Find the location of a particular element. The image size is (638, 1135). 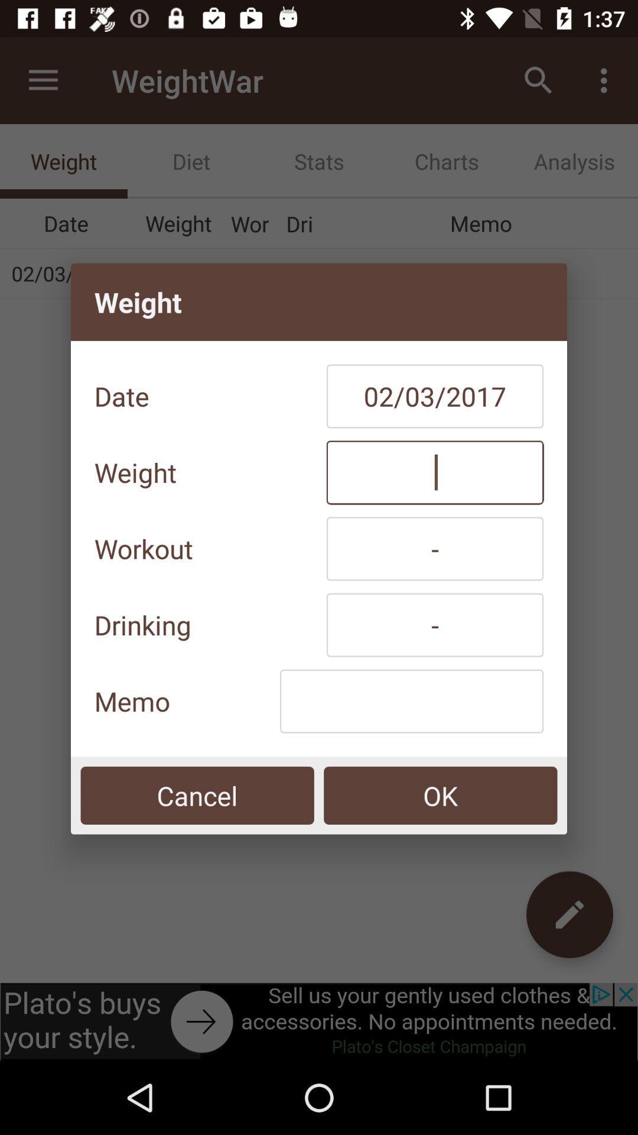

the item above workout is located at coordinates (435, 472).